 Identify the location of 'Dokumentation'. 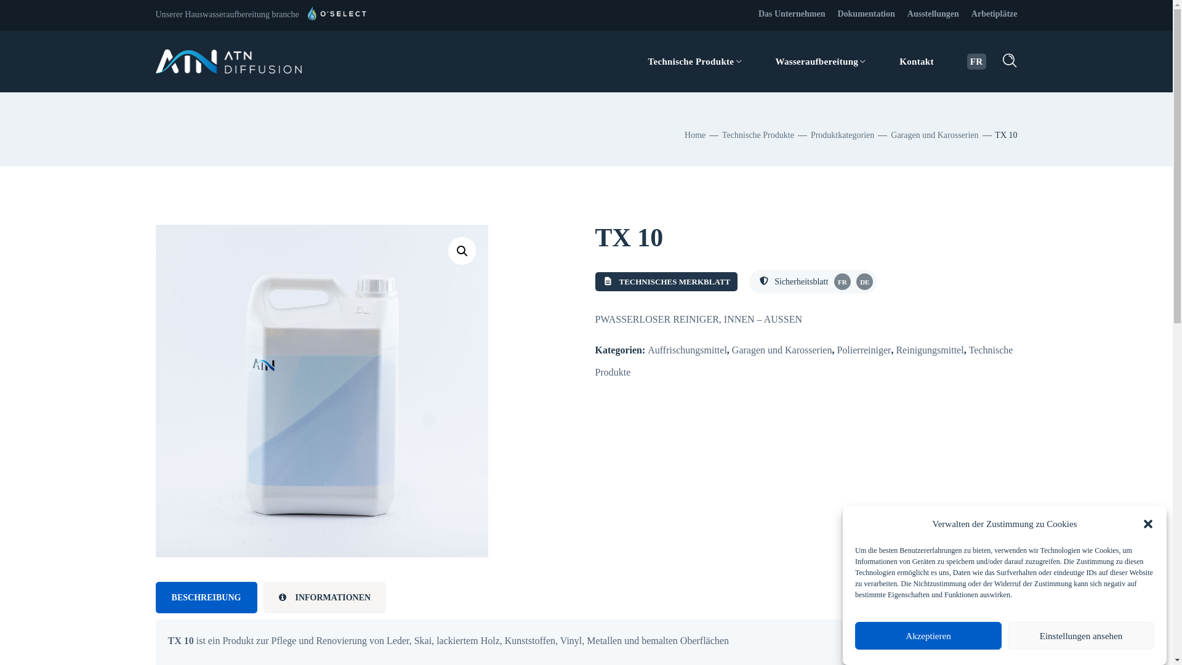
(865, 14).